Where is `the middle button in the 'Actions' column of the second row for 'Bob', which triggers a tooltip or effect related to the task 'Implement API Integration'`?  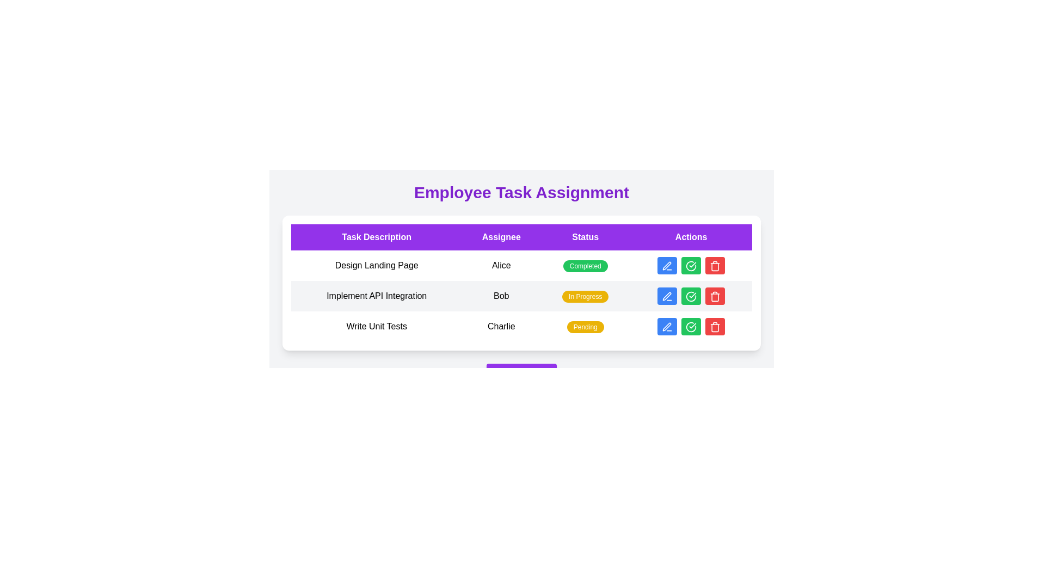
the middle button in the 'Actions' column of the second row for 'Bob', which triggers a tooltip or effect related to the task 'Implement API Integration' is located at coordinates (691, 296).